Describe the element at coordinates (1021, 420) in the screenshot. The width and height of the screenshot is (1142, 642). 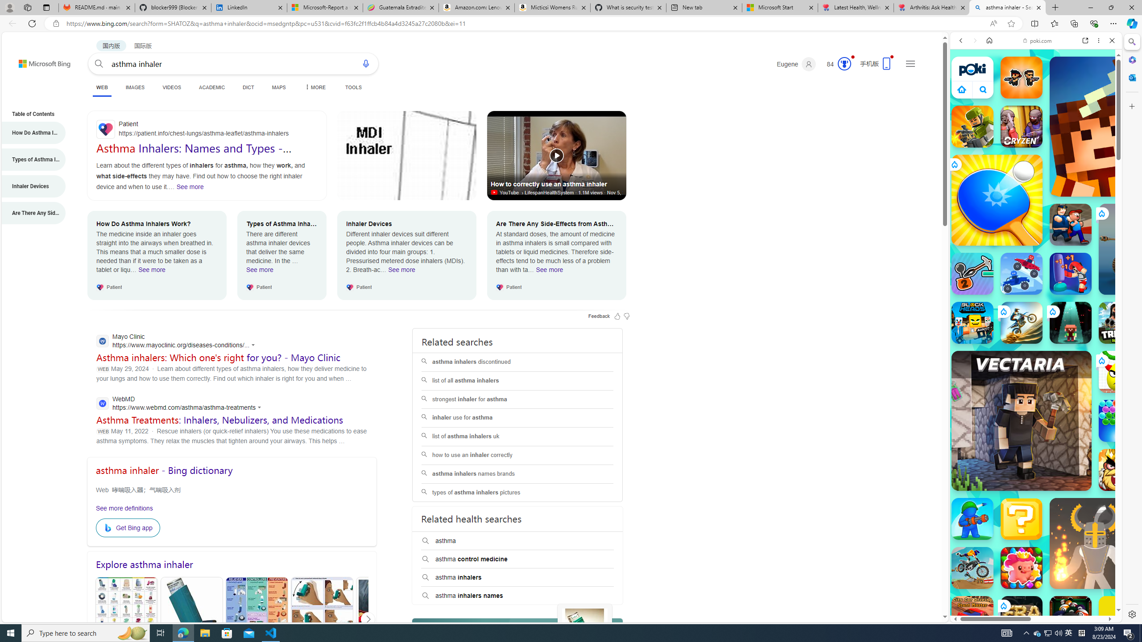
I see `'Vectaria.io'` at that location.